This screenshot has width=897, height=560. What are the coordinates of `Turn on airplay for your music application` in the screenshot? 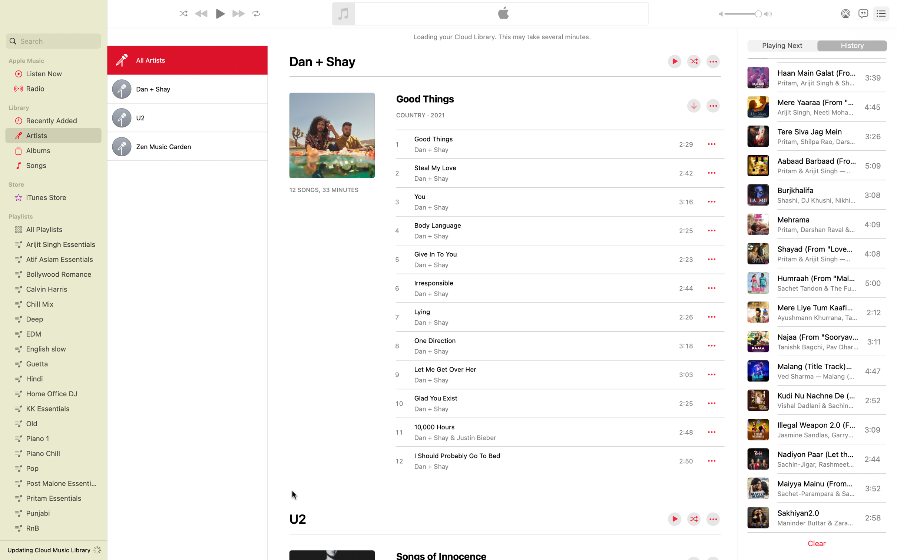 It's located at (844, 13).